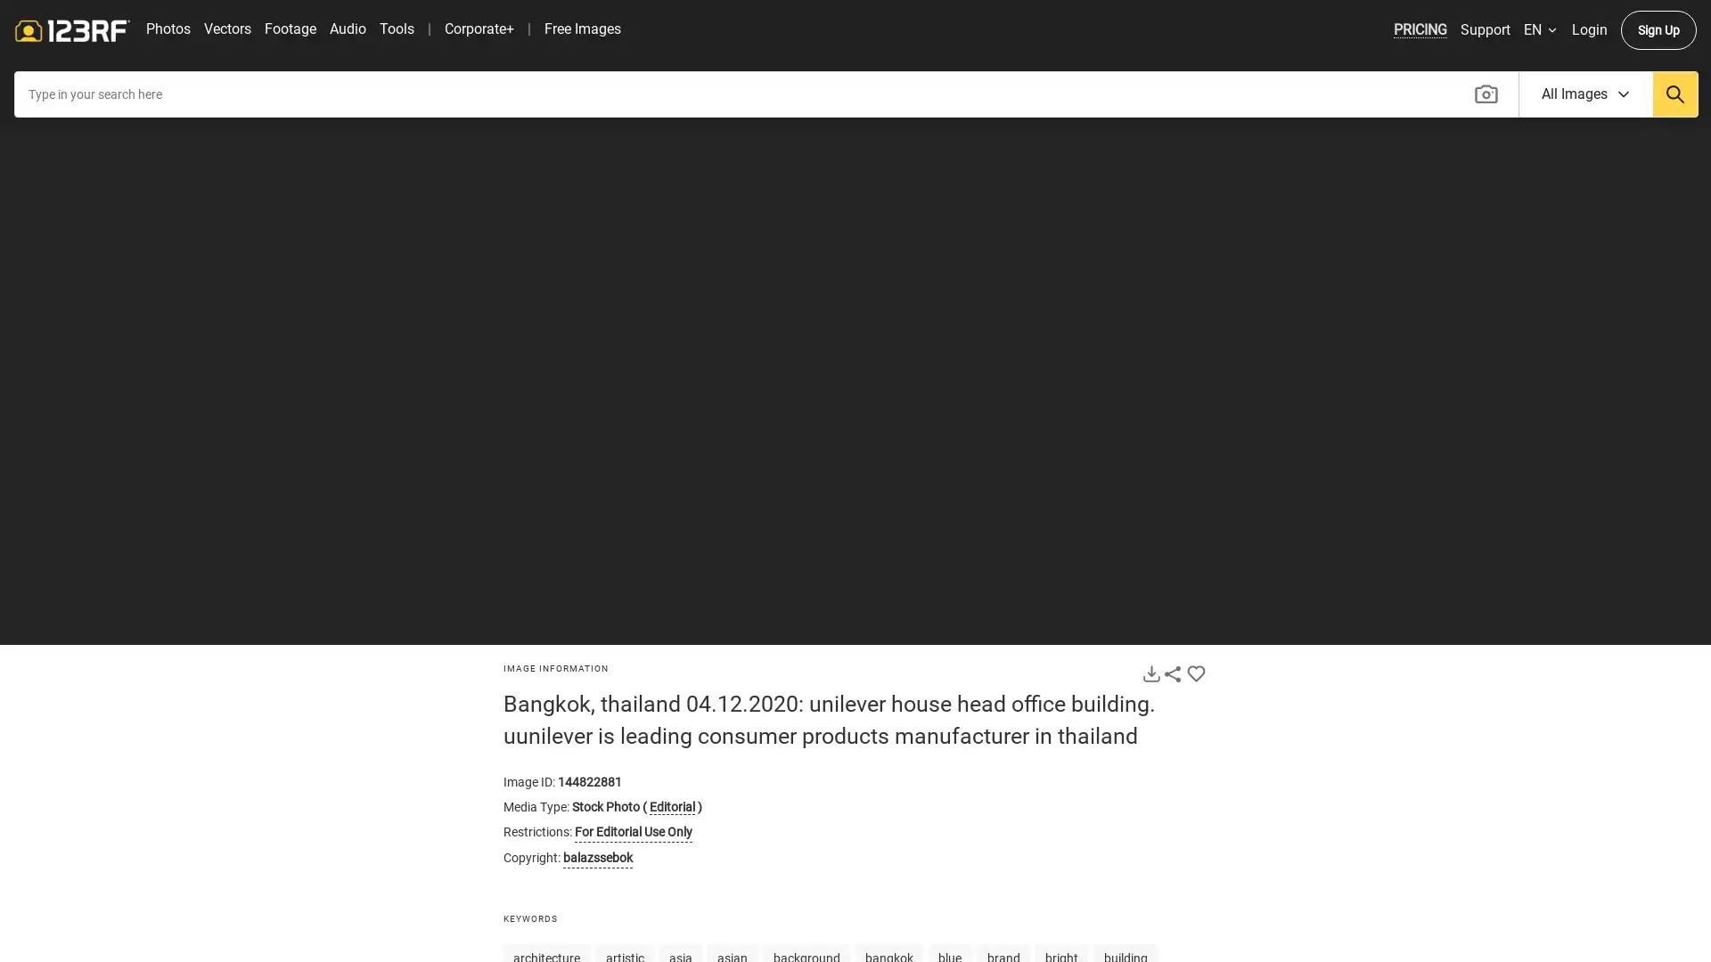  Describe the element at coordinates (1513, 613) in the screenshot. I see `FACEBOOK_IMAGE Facebook image 1200 x 1200 px` at that location.